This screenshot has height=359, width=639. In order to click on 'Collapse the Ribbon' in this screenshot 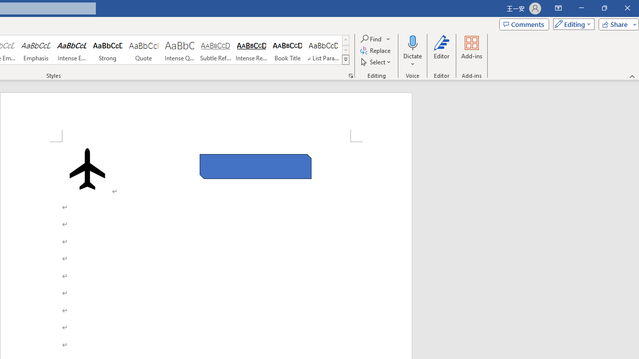, I will do `click(632, 76)`.